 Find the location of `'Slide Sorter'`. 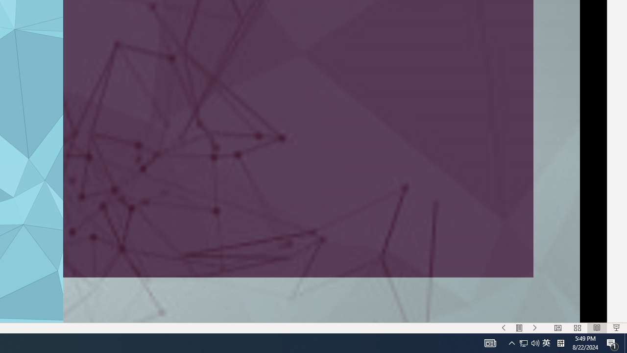

'Slide Sorter' is located at coordinates (577, 328).